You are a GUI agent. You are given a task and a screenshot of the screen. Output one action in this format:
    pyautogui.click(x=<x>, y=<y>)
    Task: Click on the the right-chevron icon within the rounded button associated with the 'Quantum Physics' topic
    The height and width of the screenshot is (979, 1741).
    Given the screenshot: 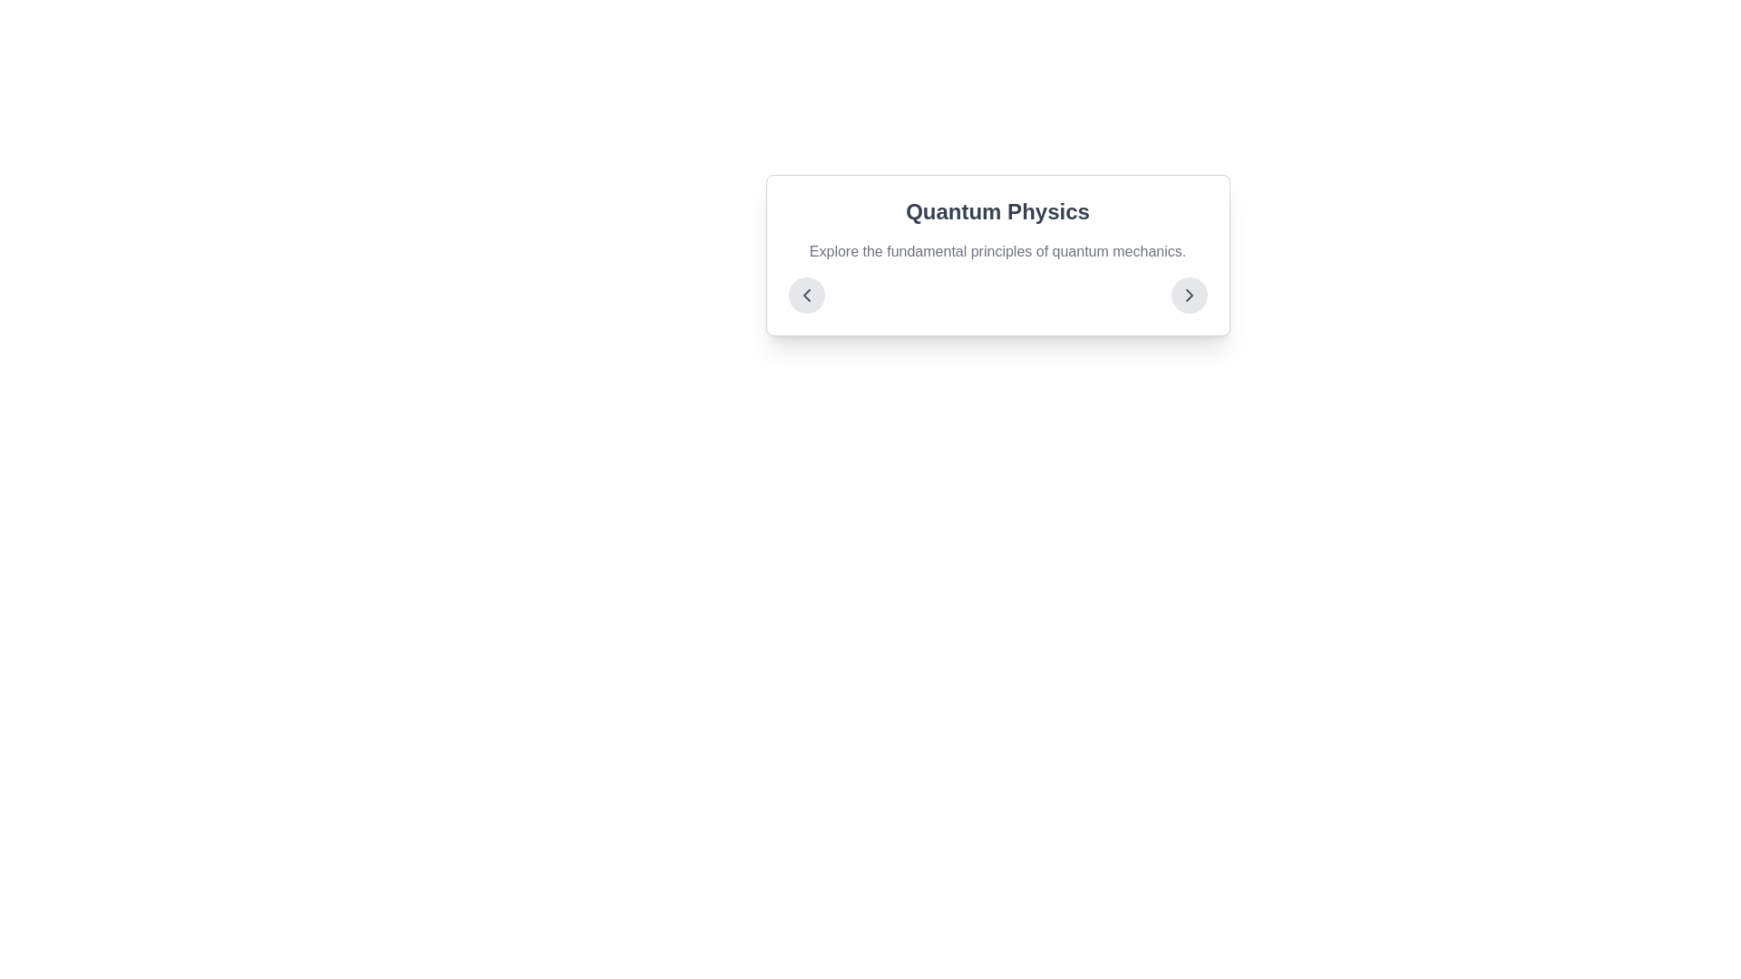 What is the action you would take?
    pyautogui.click(x=1189, y=295)
    